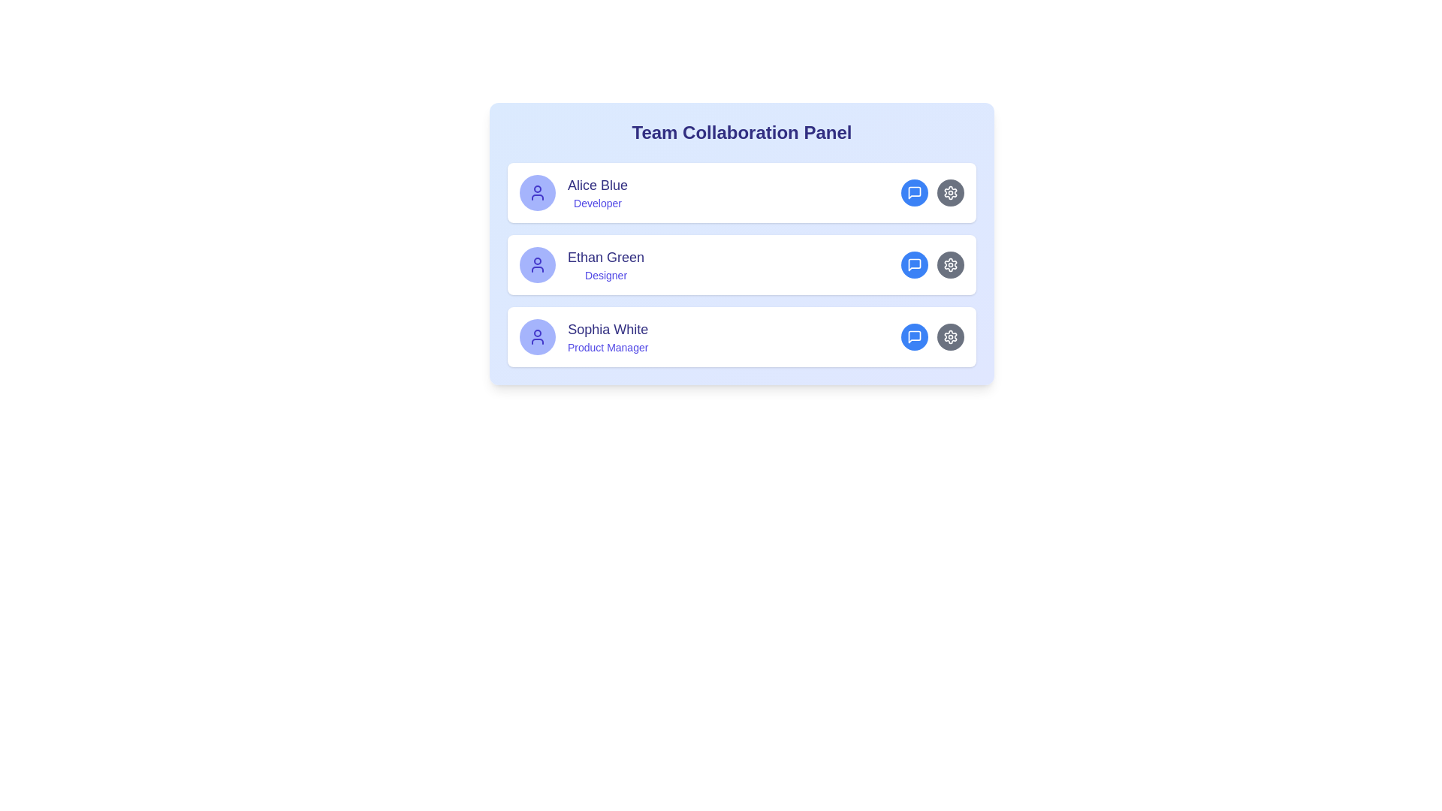  What do you see at coordinates (950, 192) in the screenshot?
I see `the gear-shaped settings icon on the rightmost side of the interface, aligned with the 'Alice Blue - Developer' entry` at bounding box center [950, 192].